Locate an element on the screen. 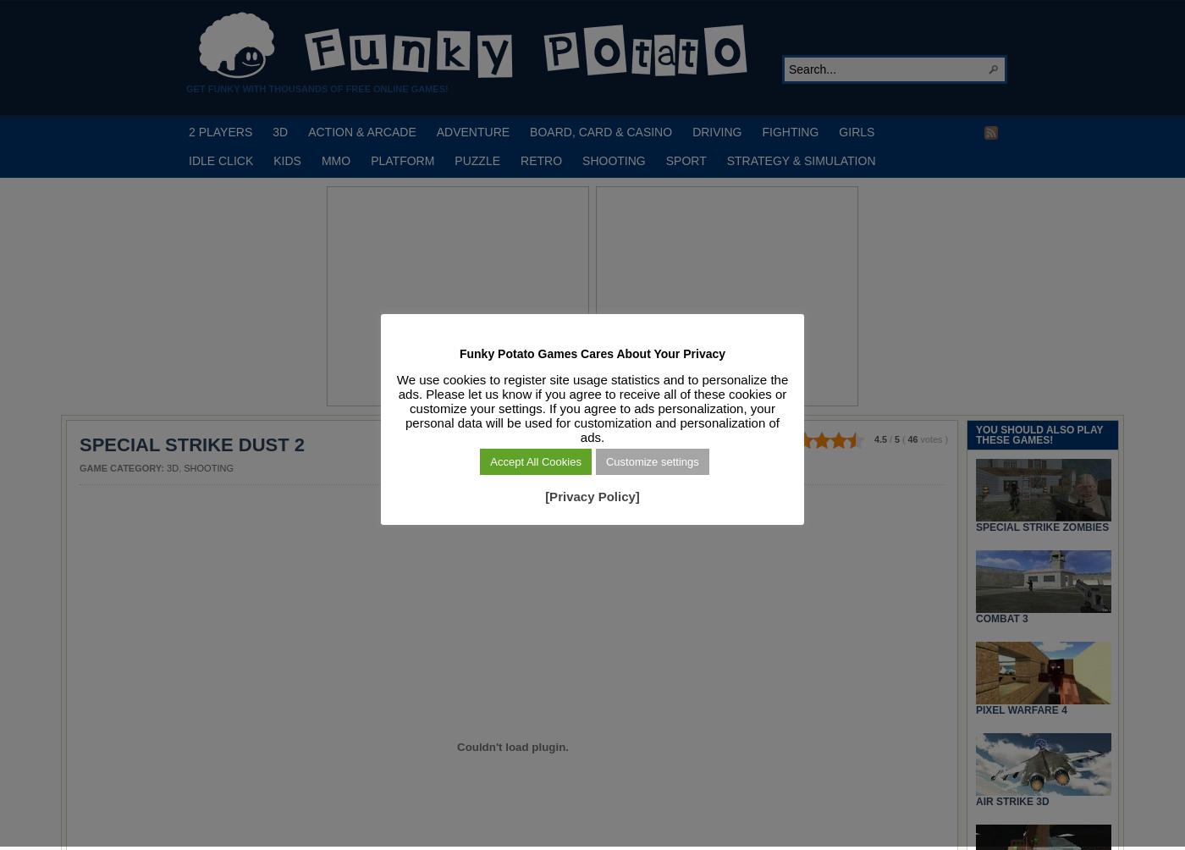 This screenshot has height=850, width=1185. '46' is located at coordinates (907, 439).